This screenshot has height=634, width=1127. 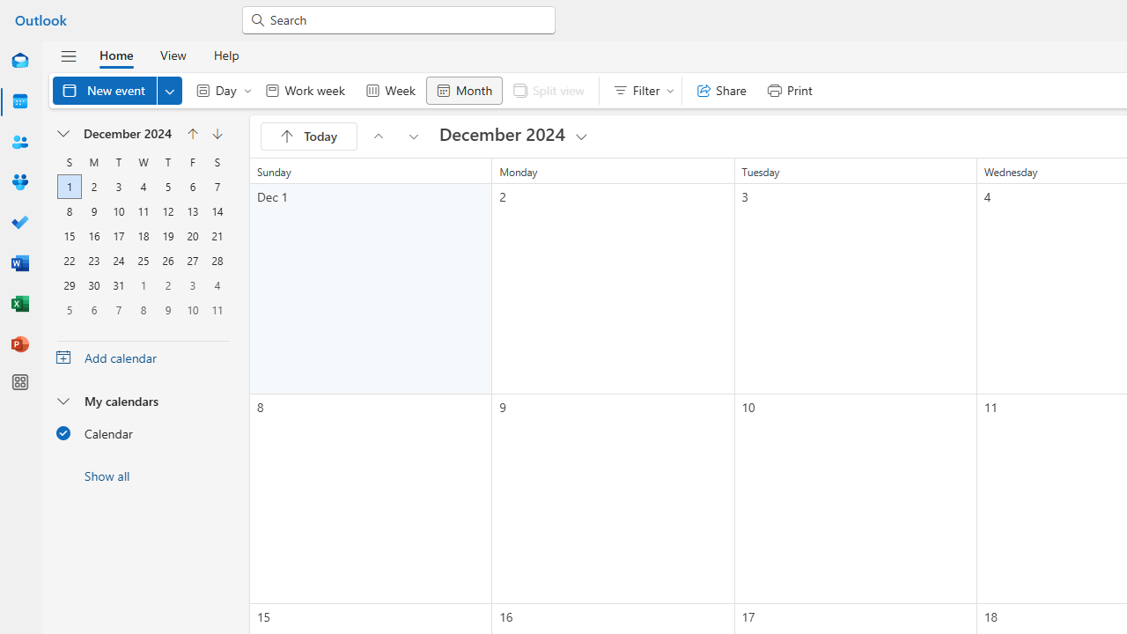 I want to click on 'People', so click(x=20, y=142).